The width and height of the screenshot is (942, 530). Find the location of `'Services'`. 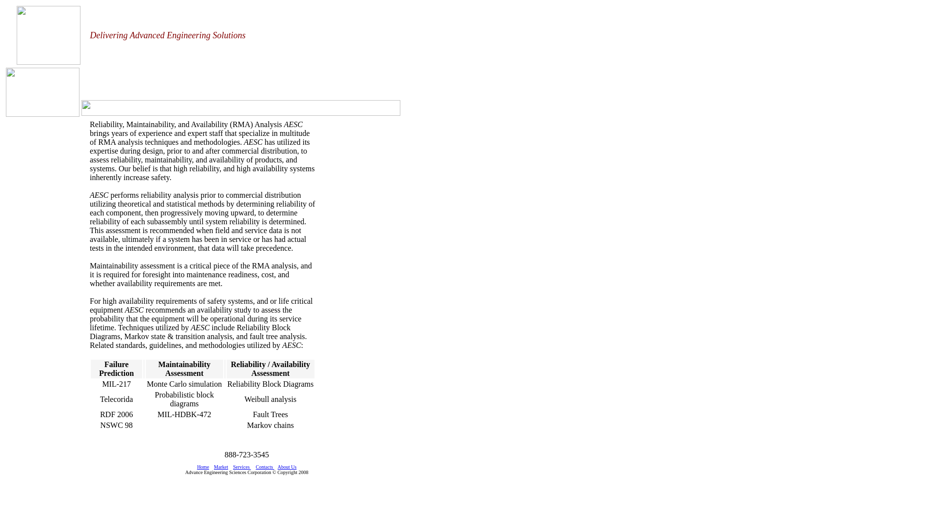

'Services' is located at coordinates (233, 466).